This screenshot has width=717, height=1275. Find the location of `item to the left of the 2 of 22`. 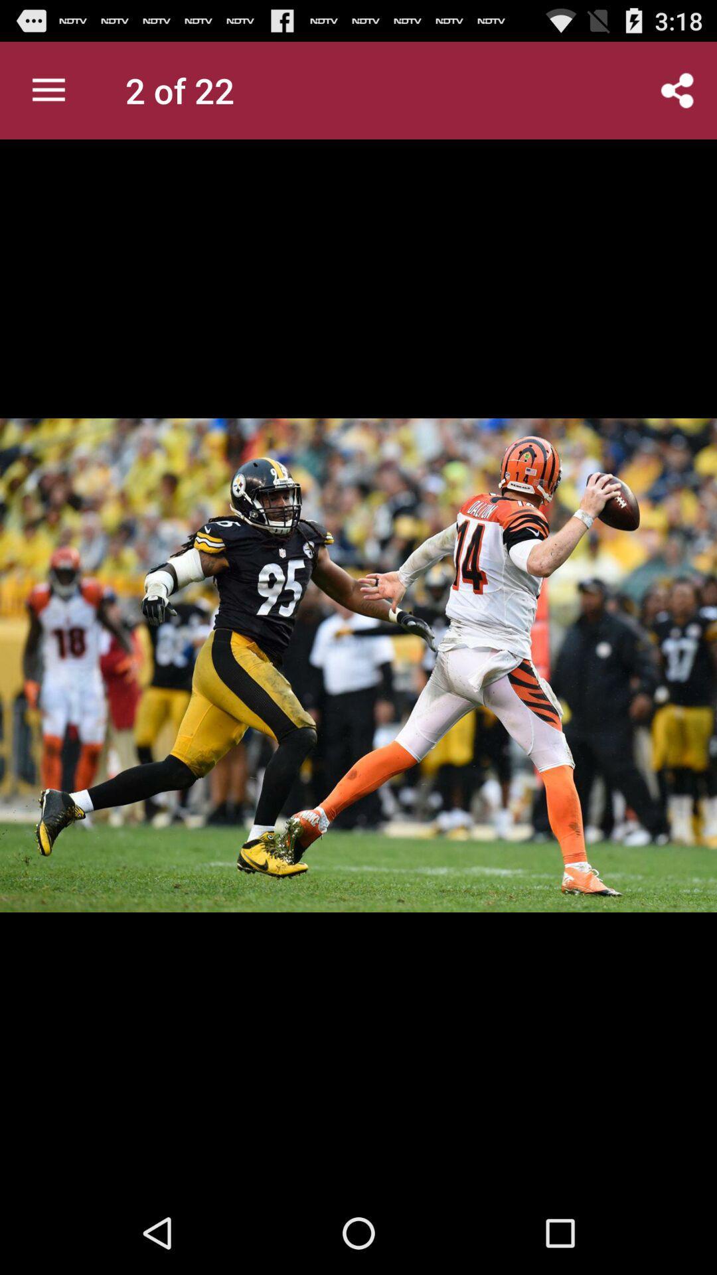

item to the left of the 2 of 22 is located at coordinates (48, 90).